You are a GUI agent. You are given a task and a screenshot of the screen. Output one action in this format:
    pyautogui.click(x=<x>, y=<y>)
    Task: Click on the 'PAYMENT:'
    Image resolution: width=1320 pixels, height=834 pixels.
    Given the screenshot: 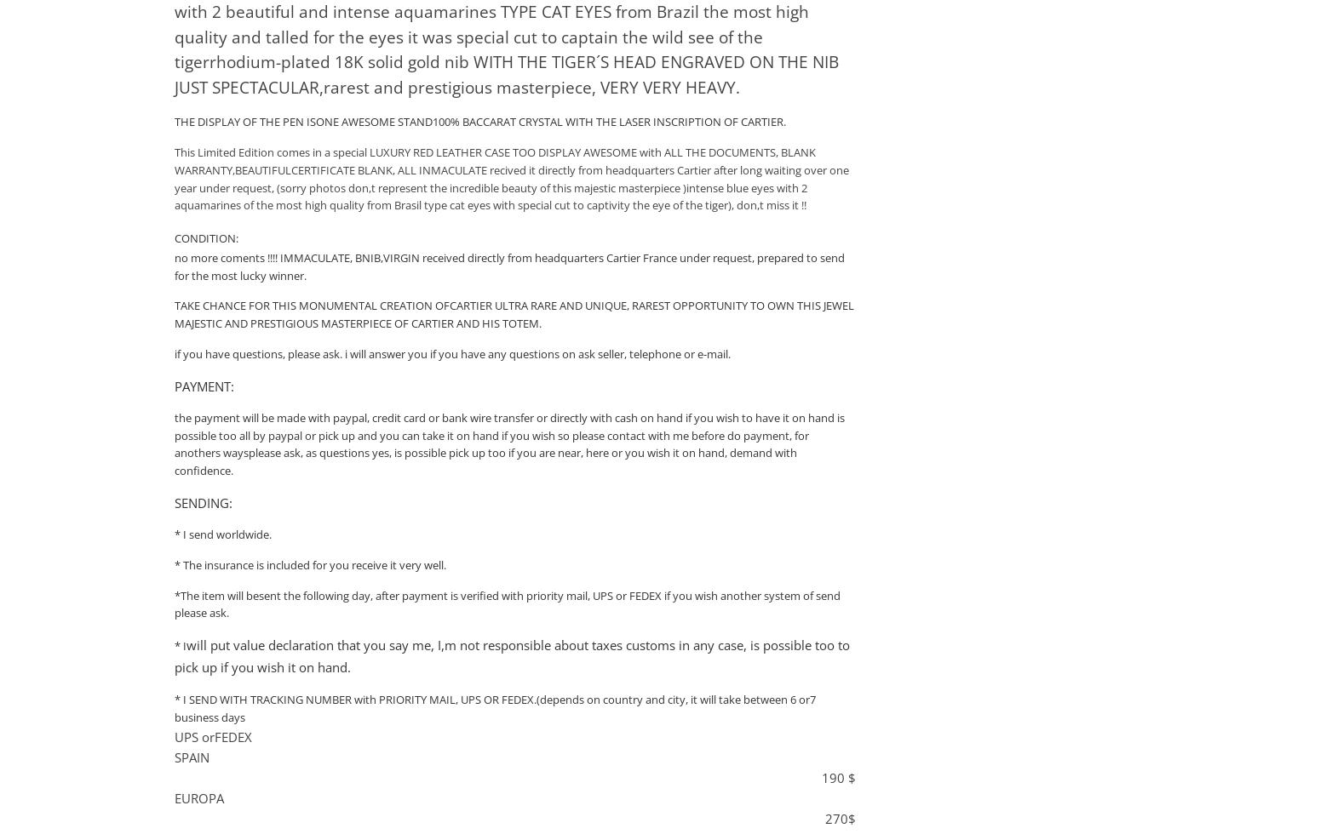 What is the action you would take?
    pyautogui.click(x=204, y=385)
    